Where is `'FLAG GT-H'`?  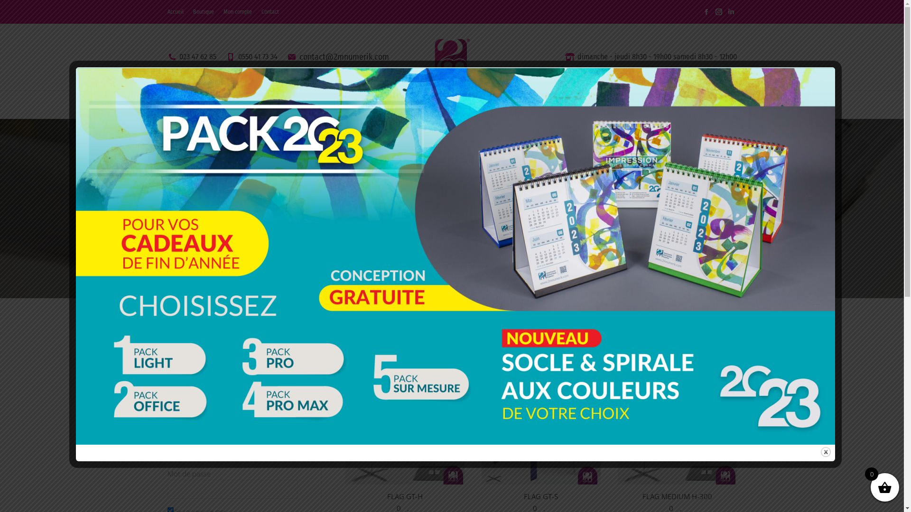
'FLAG GT-H' is located at coordinates (405, 495).